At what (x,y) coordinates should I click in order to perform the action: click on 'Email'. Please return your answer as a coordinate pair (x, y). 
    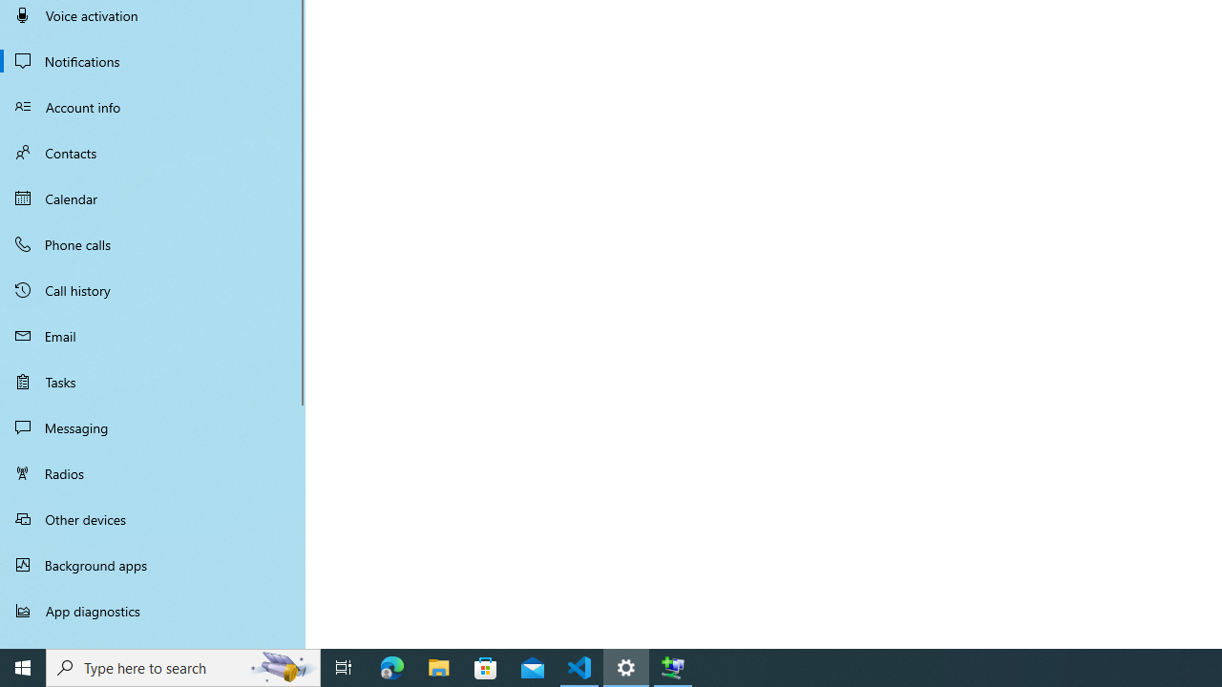
    Looking at the image, I should click on (153, 335).